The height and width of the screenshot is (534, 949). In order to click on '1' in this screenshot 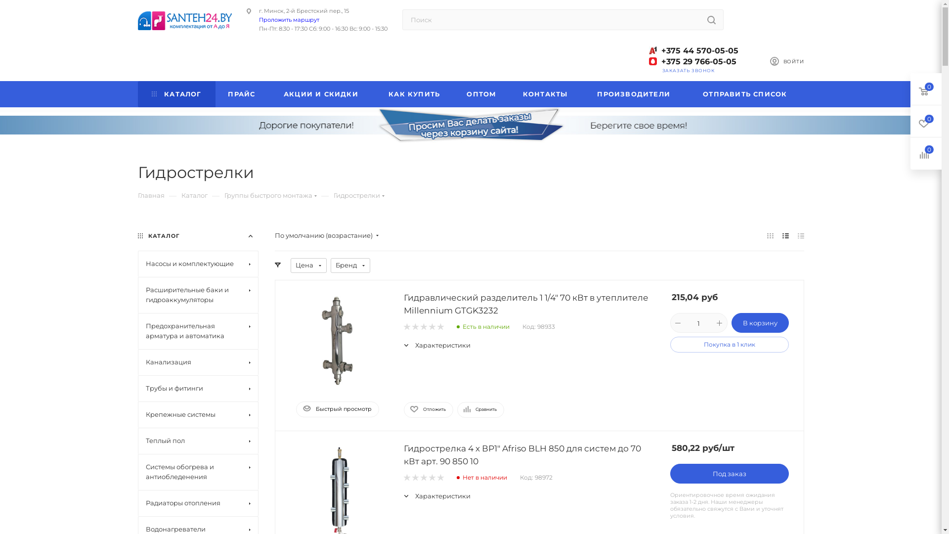, I will do `click(406, 327)`.